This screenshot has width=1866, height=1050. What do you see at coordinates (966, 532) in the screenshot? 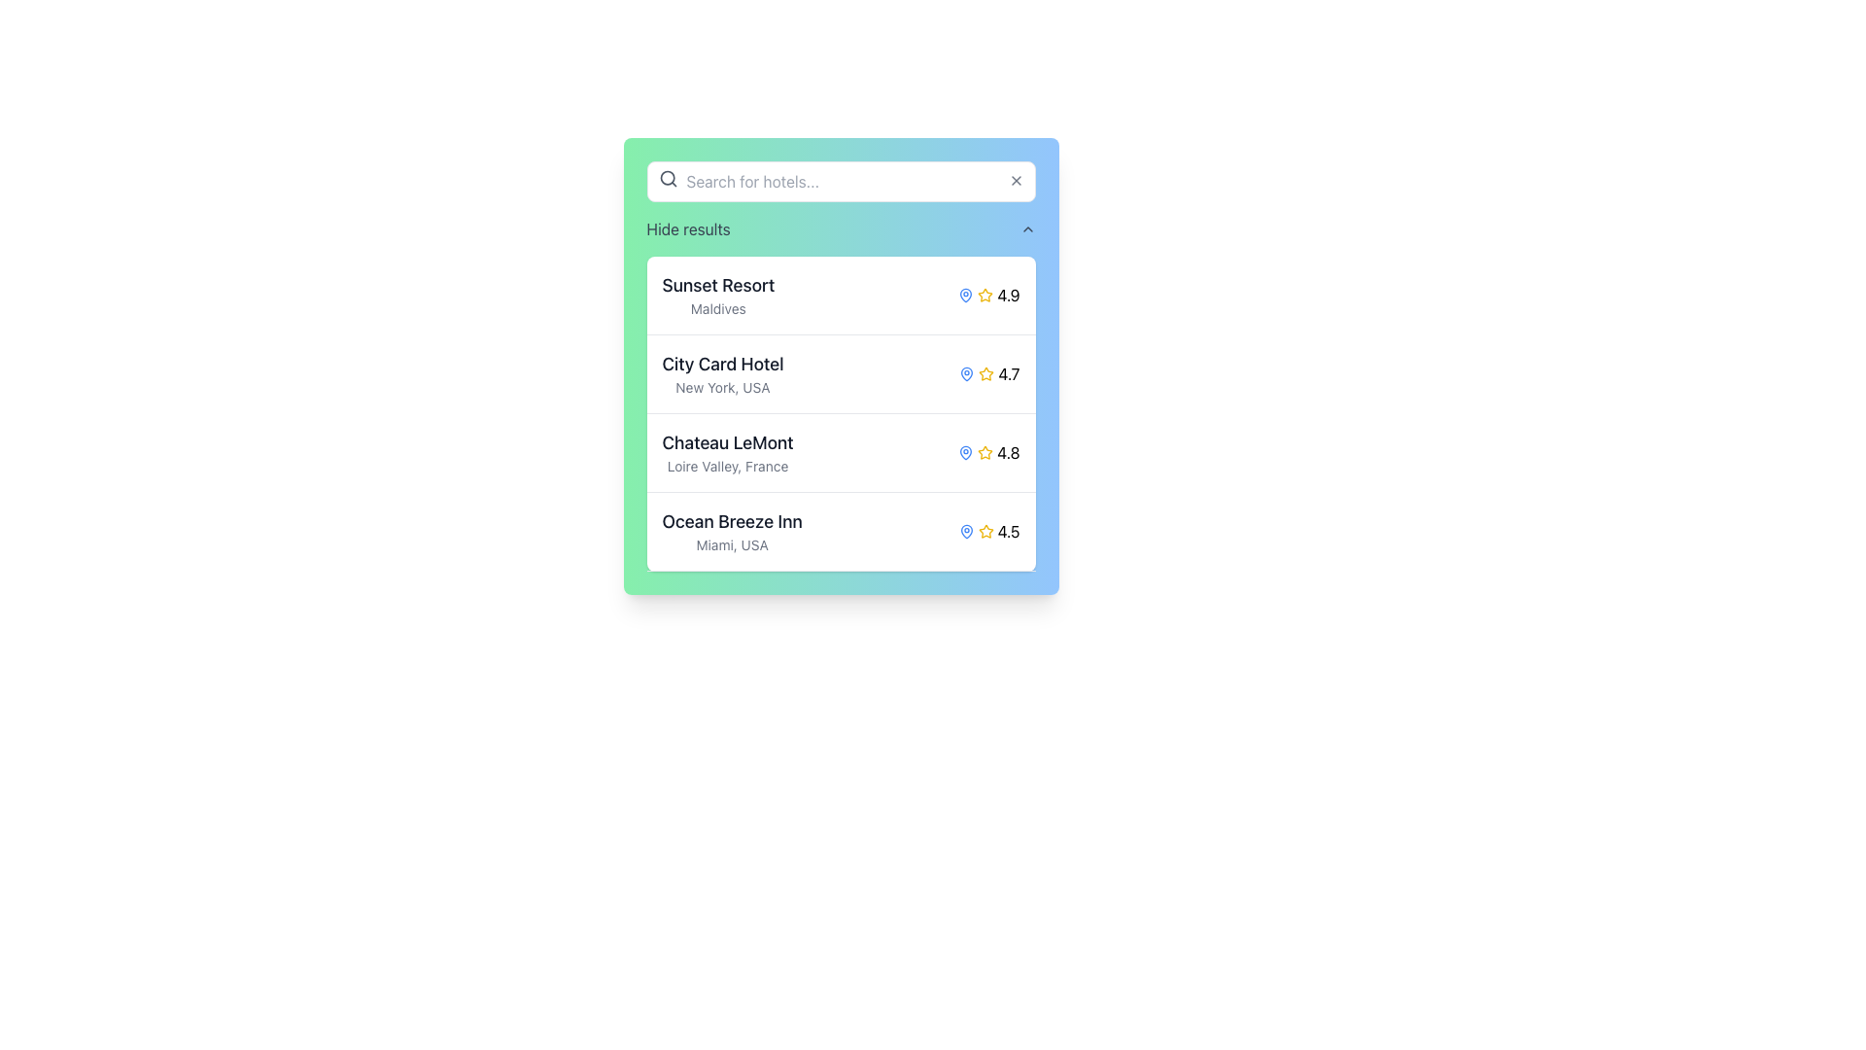
I see `the map pin icon that signifies the geographical location of the 'Ocean Breeze Inn', which is positioned to the left of the star rating icon and the text '4.5'` at bounding box center [966, 532].